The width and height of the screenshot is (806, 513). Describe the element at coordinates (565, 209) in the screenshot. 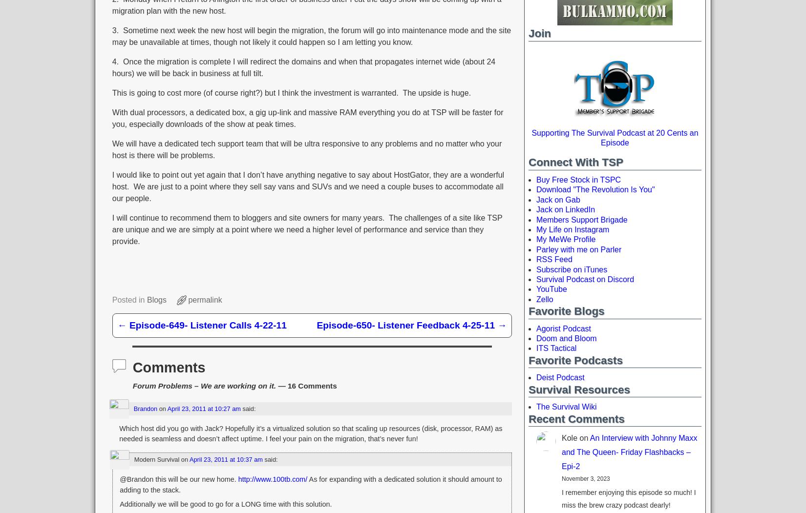

I see `'Jack on LinkedIn'` at that location.